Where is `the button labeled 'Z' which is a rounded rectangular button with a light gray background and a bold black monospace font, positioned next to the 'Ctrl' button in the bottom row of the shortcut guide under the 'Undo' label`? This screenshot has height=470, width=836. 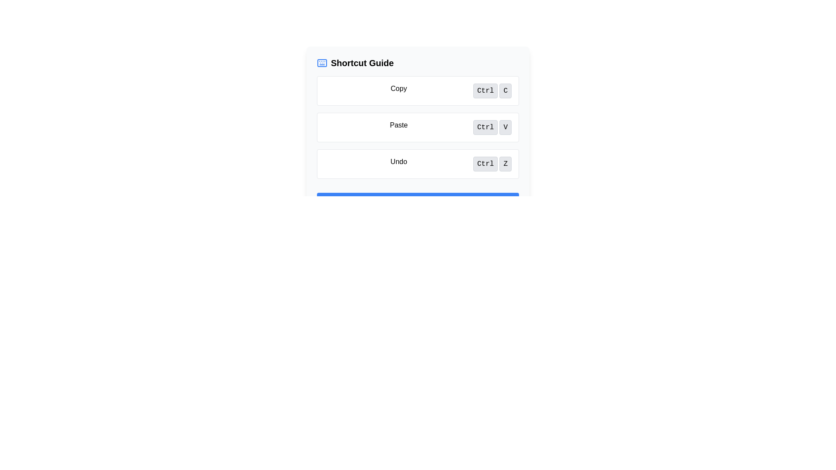
the button labeled 'Z' which is a rounded rectangular button with a light gray background and a bold black monospace font, positioned next to the 'Ctrl' button in the bottom row of the shortcut guide under the 'Undo' label is located at coordinates (506, 164).